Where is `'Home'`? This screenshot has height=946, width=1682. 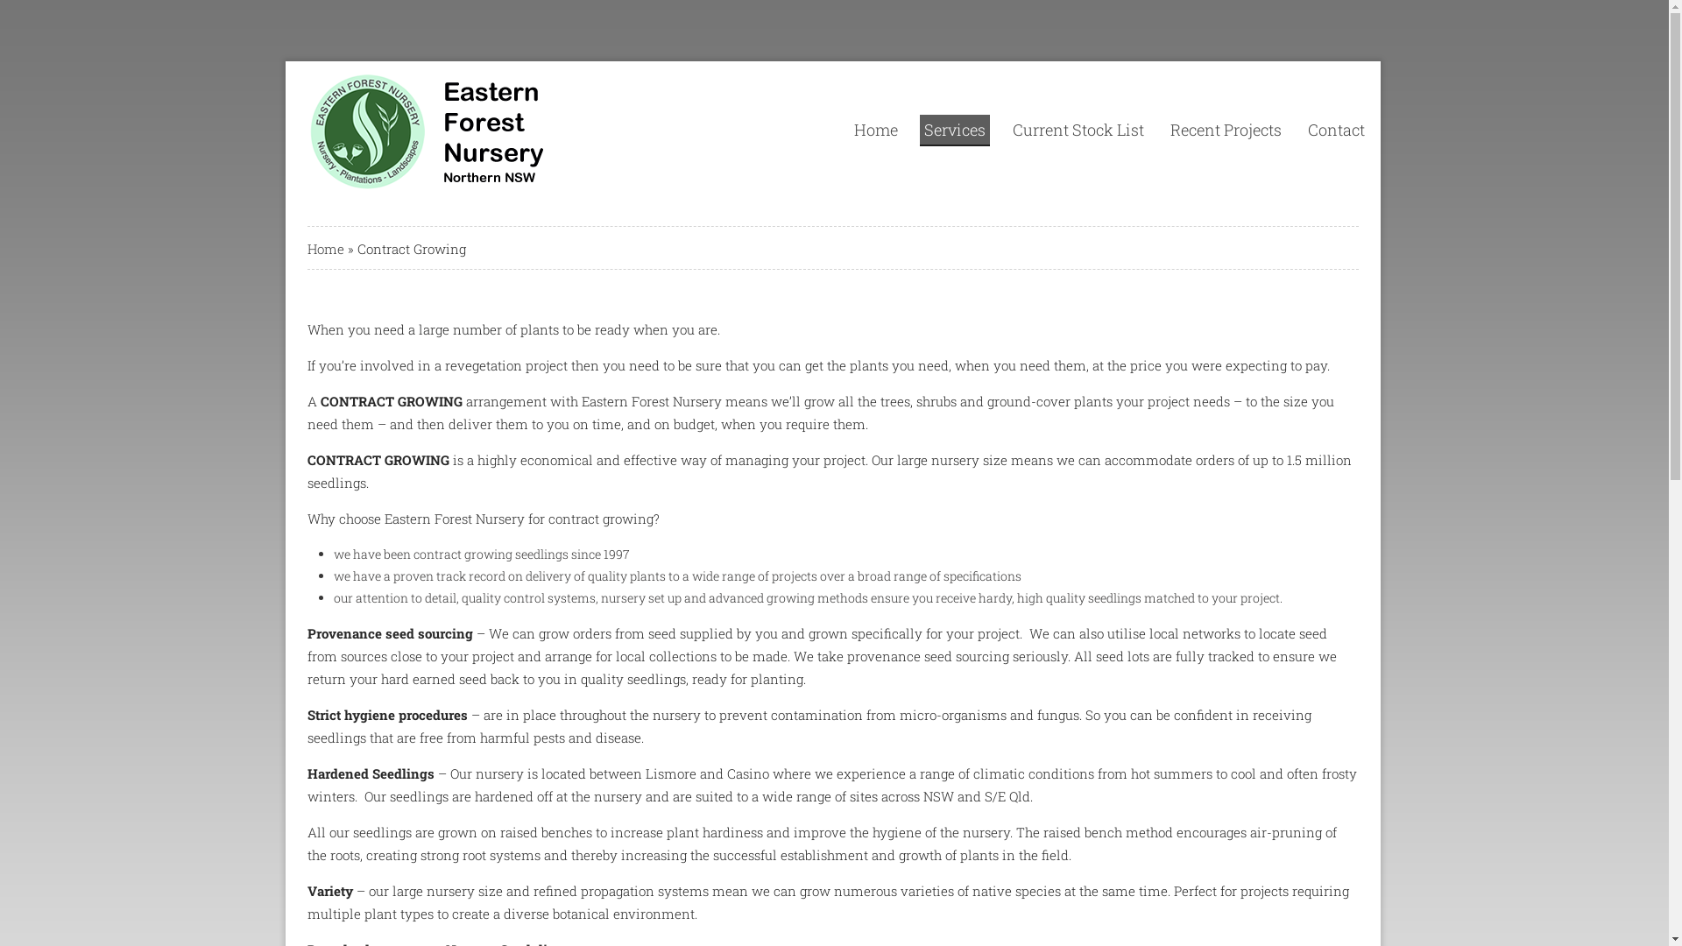
'Home' is located at coordinates (325, 249).